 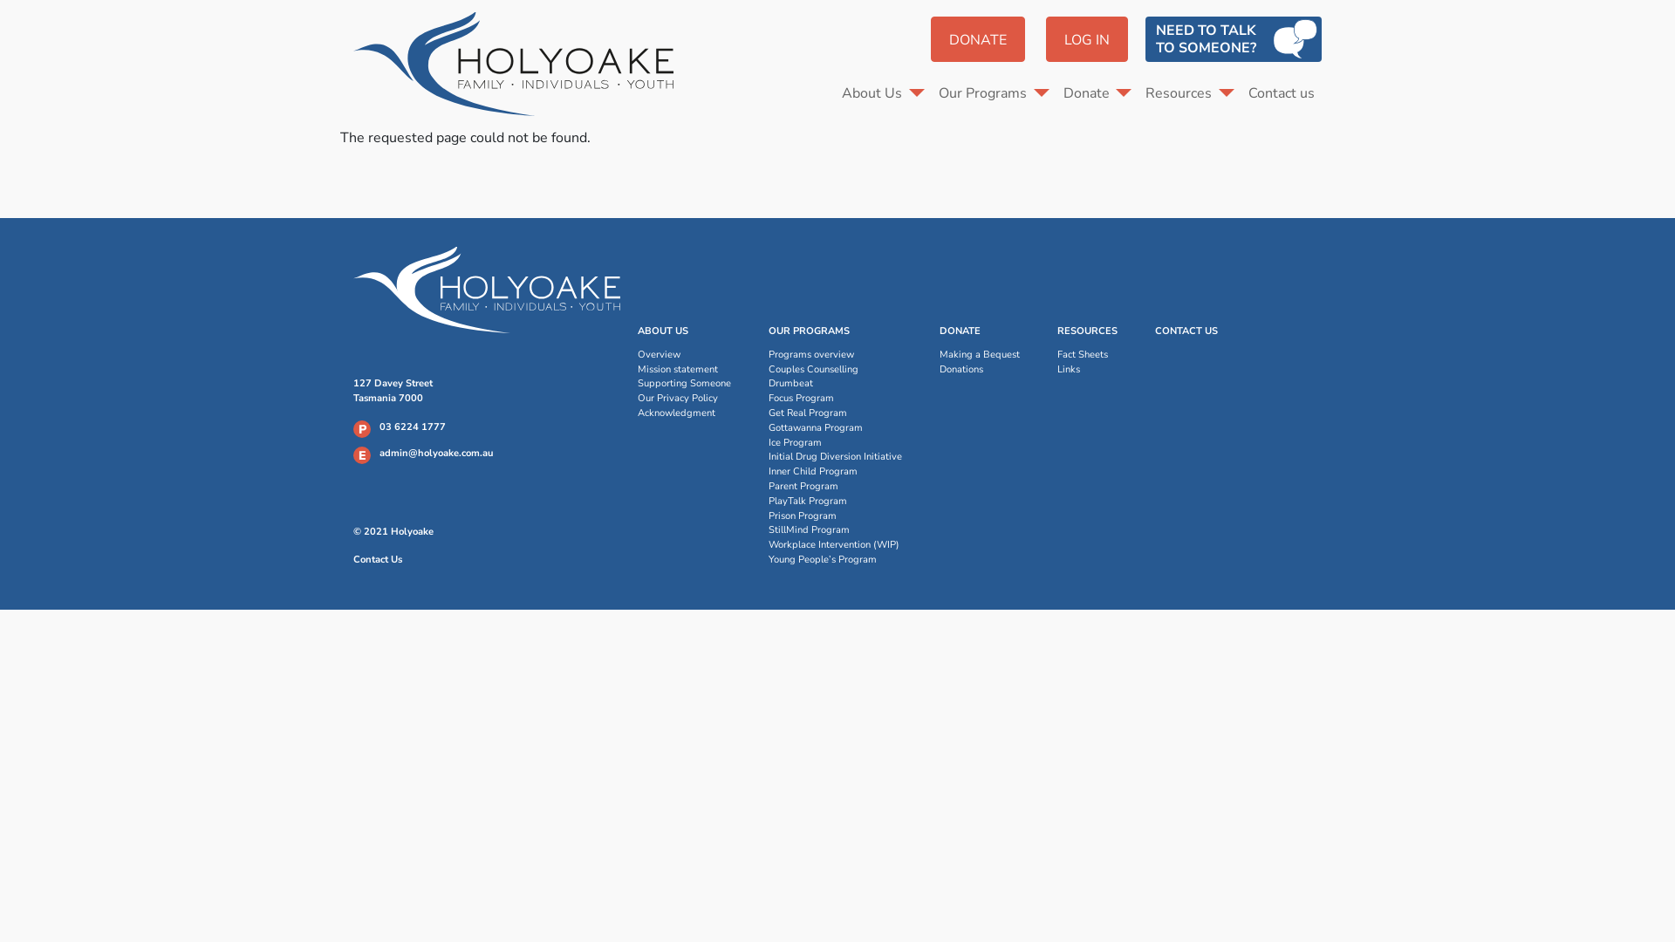 I want to click on 'Mission statement', so click(x=683, y=369).